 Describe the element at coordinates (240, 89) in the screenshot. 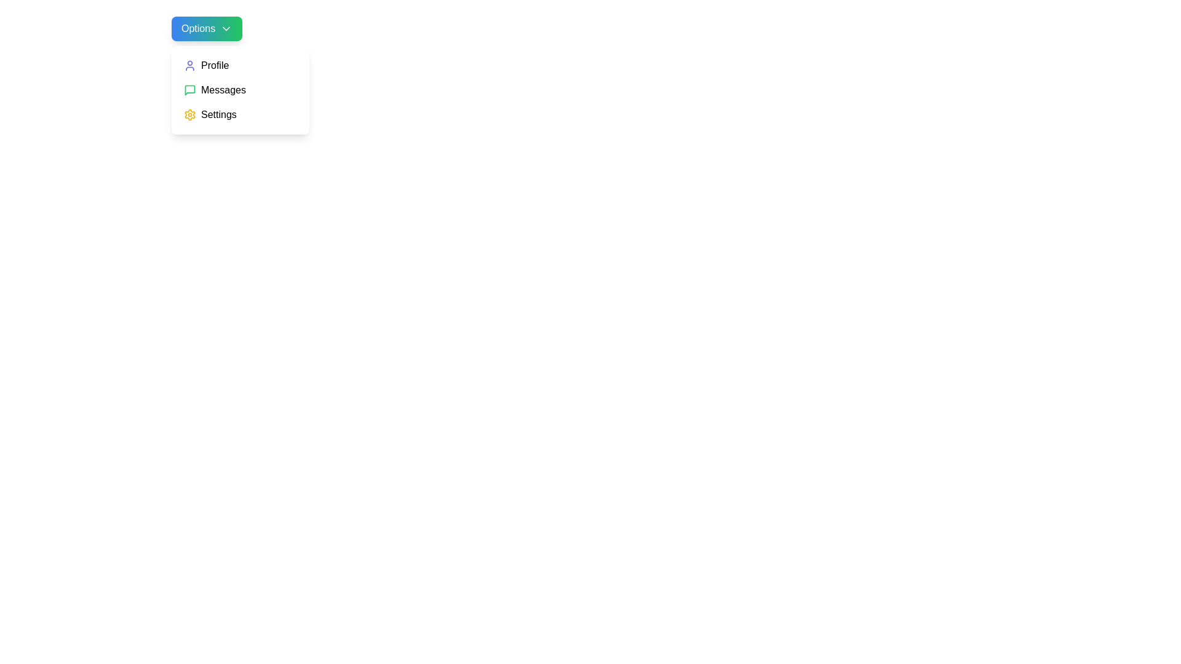

I see `the menu item Messages to preview its action` at that location.